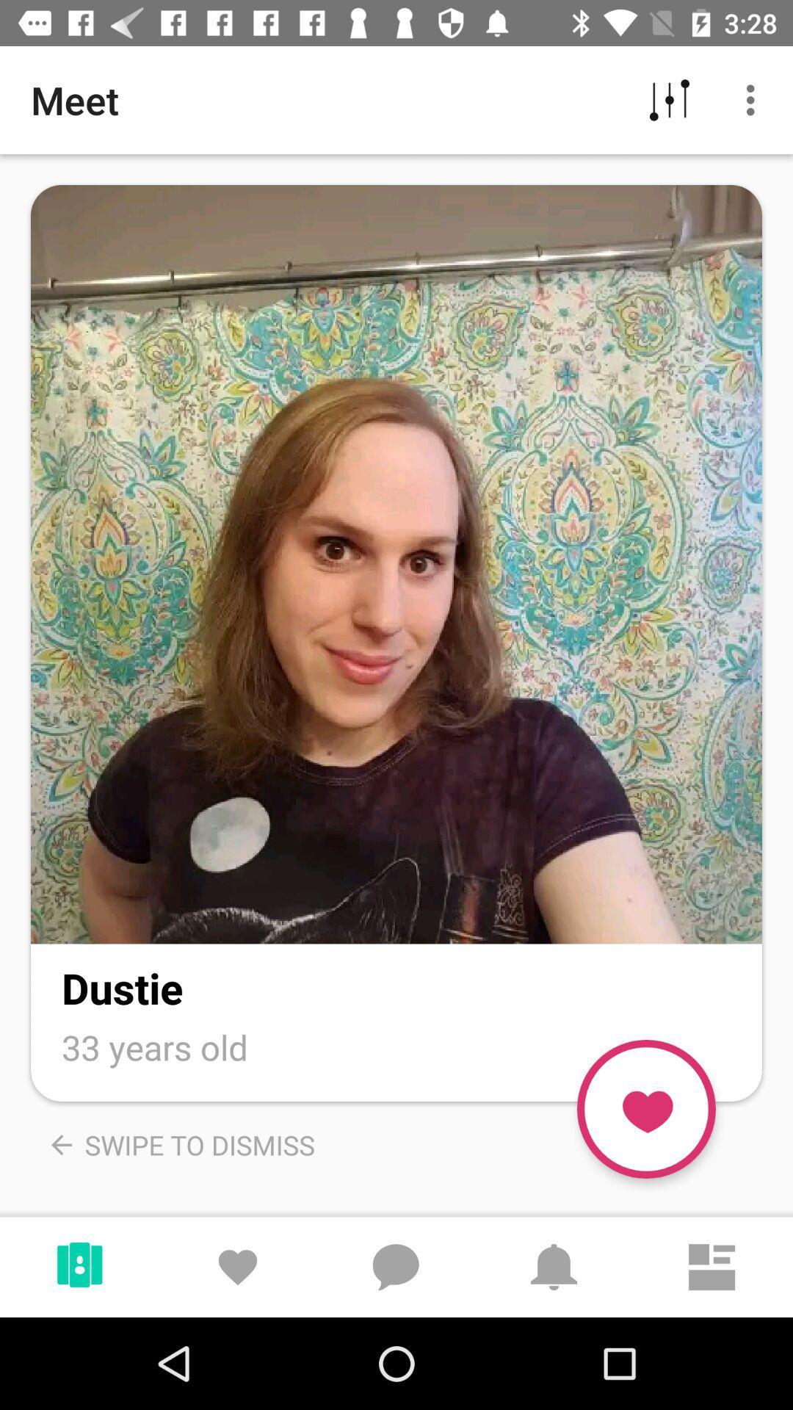 Image resolution: width=793 pixels, height=1410 pixels. What do you see at coordinates (155, 1046) in the screenshot?
I see `33 years old icon` at bounding box center [155, 1046].